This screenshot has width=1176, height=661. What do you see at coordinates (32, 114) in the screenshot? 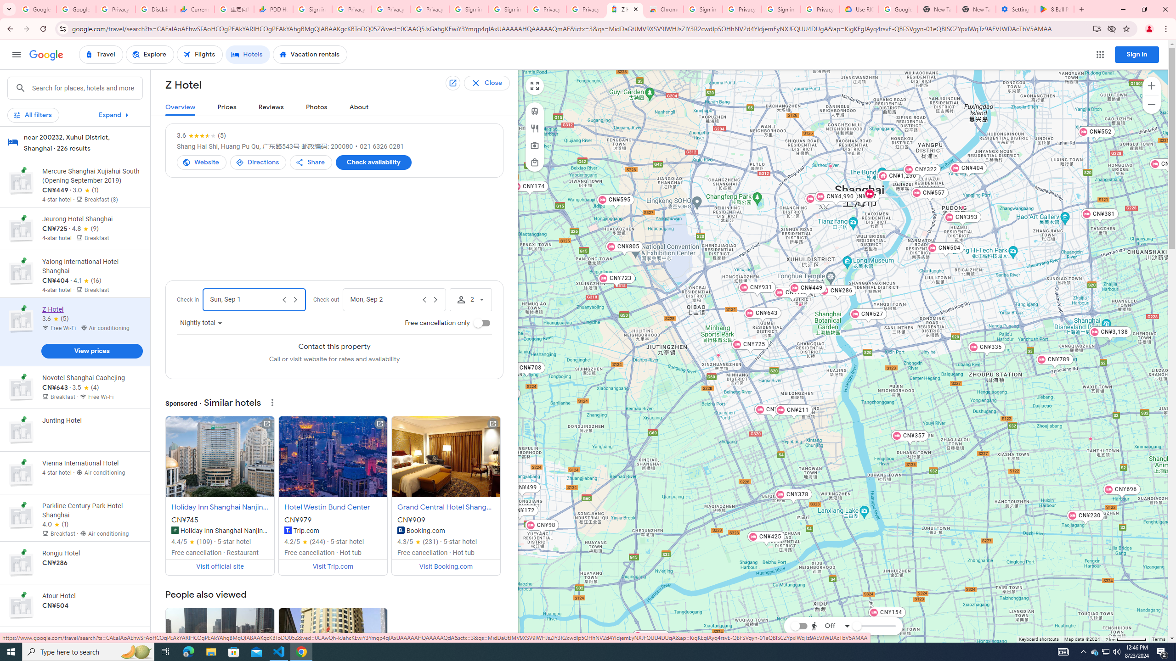
I see `'All filters'` at bounding box center [32, 114].